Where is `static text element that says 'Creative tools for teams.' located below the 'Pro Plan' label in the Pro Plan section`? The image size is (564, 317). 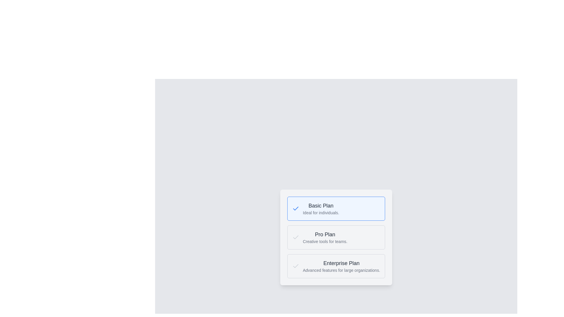
static text element that says 'Creative tools for teams.' located below the 'Pro Plan' label in the Pro Plan section is located at coordinates (325, 241).